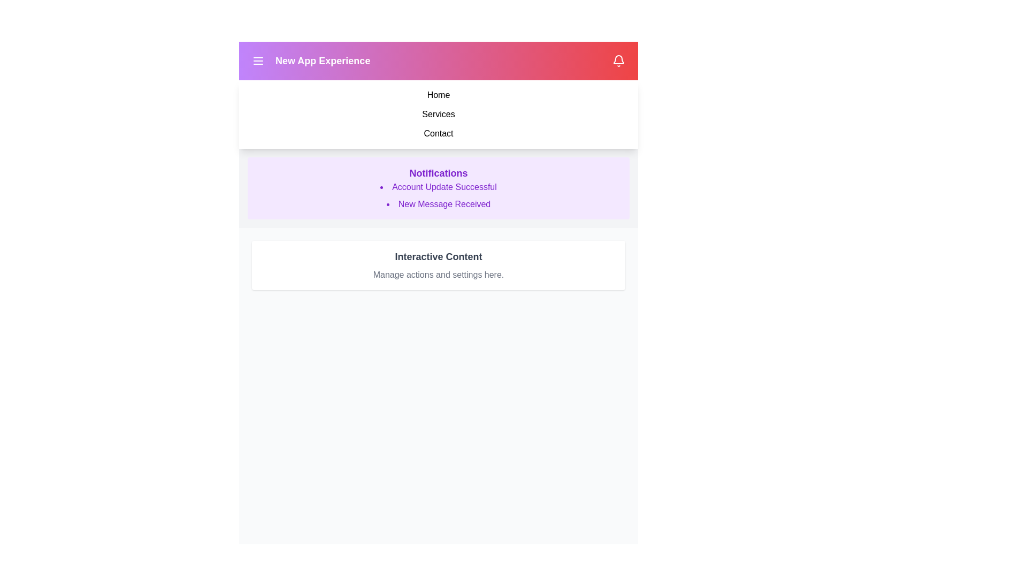 This screenshot has height=578, width=1027. I want to click on the menu item Home from the navigation menu, so click(439, 94).